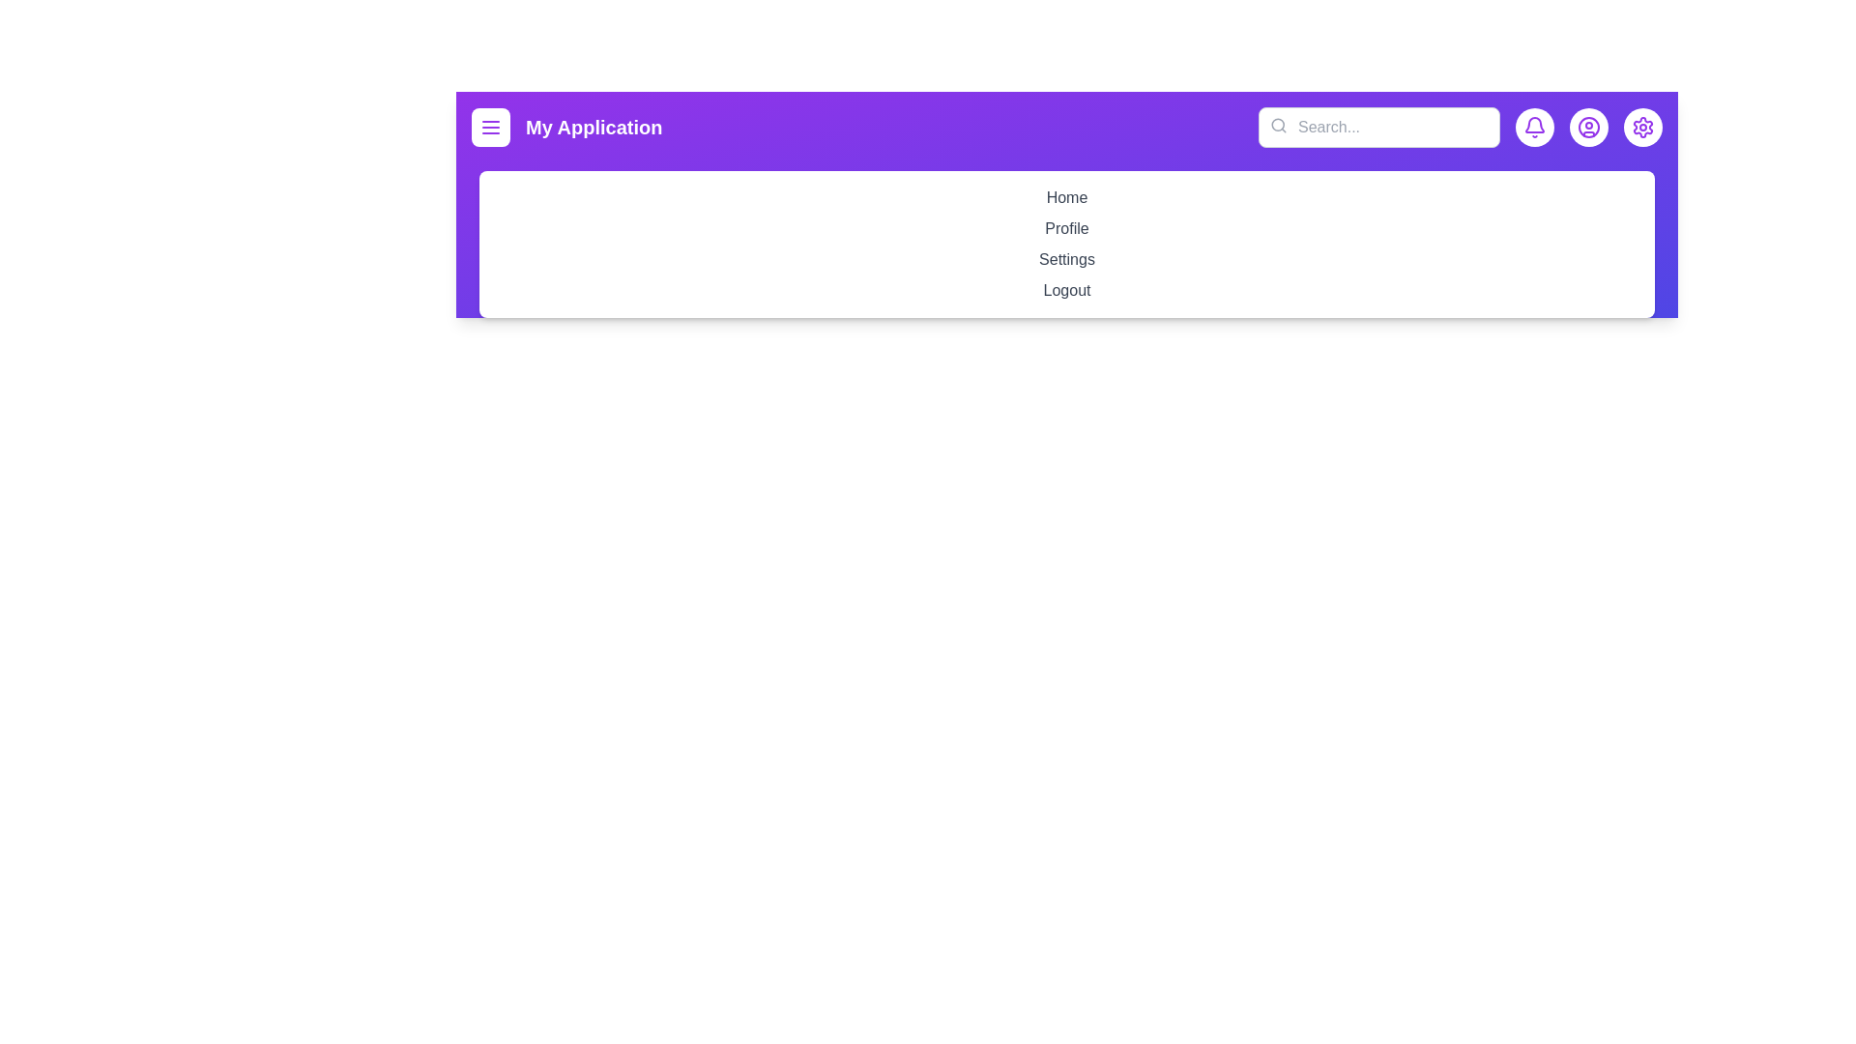 This screenshot has height=1044, width=1856. Describe the element at coordinates (491, 127) in the screenshot. I see `the menu button to toggle the menu visibility` at that location.